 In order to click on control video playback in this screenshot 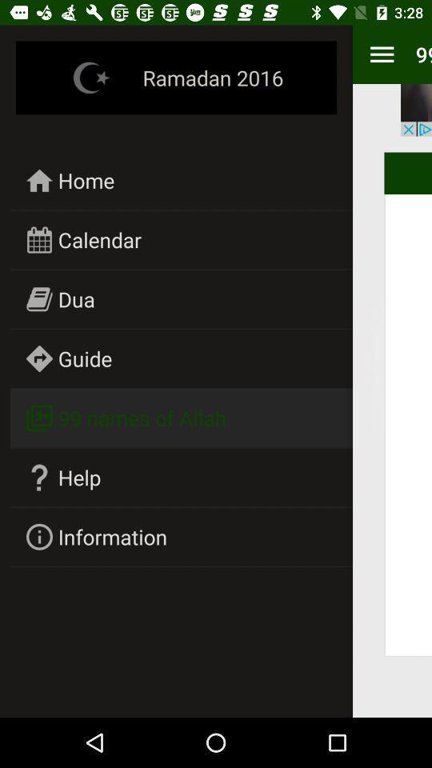, I will do `click(416, 109)`.